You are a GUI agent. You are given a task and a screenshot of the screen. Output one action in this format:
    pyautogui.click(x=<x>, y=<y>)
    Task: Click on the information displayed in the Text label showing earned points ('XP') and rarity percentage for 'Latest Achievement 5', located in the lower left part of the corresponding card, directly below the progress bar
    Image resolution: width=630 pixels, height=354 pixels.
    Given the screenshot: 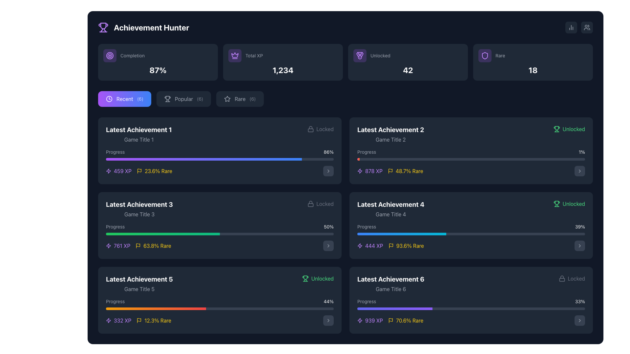 What is the action you would take?
    pyautogui.click(x=138, y=320)
    